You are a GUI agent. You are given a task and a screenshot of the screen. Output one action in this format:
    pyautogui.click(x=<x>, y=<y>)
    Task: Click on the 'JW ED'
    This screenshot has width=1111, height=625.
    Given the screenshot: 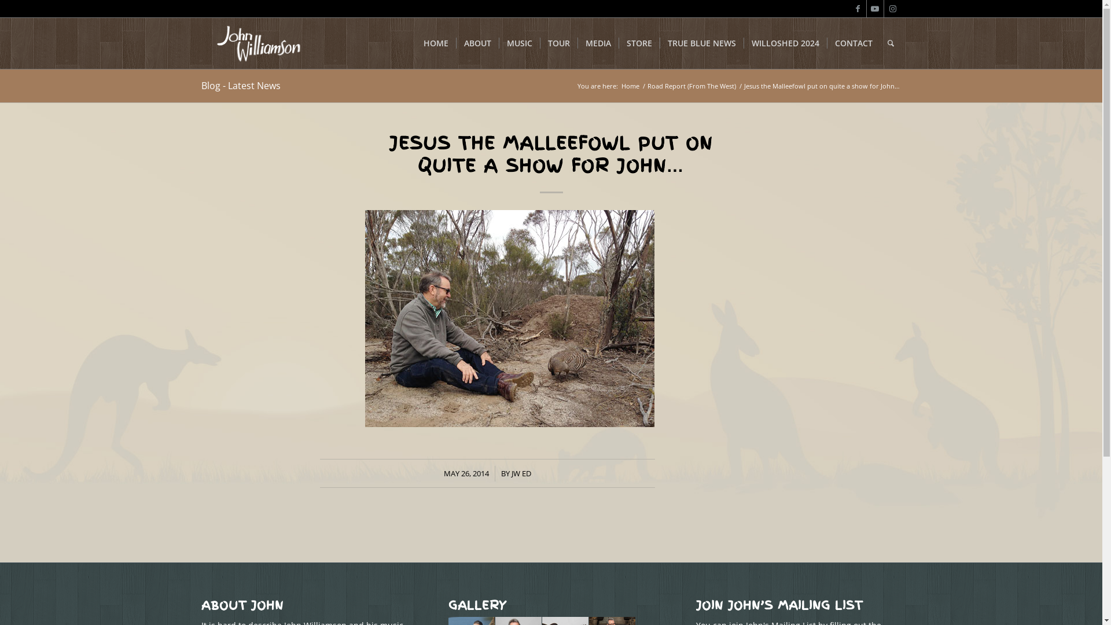 What is the action you would take?
    pyautogui.click(x=521, y=473)
    